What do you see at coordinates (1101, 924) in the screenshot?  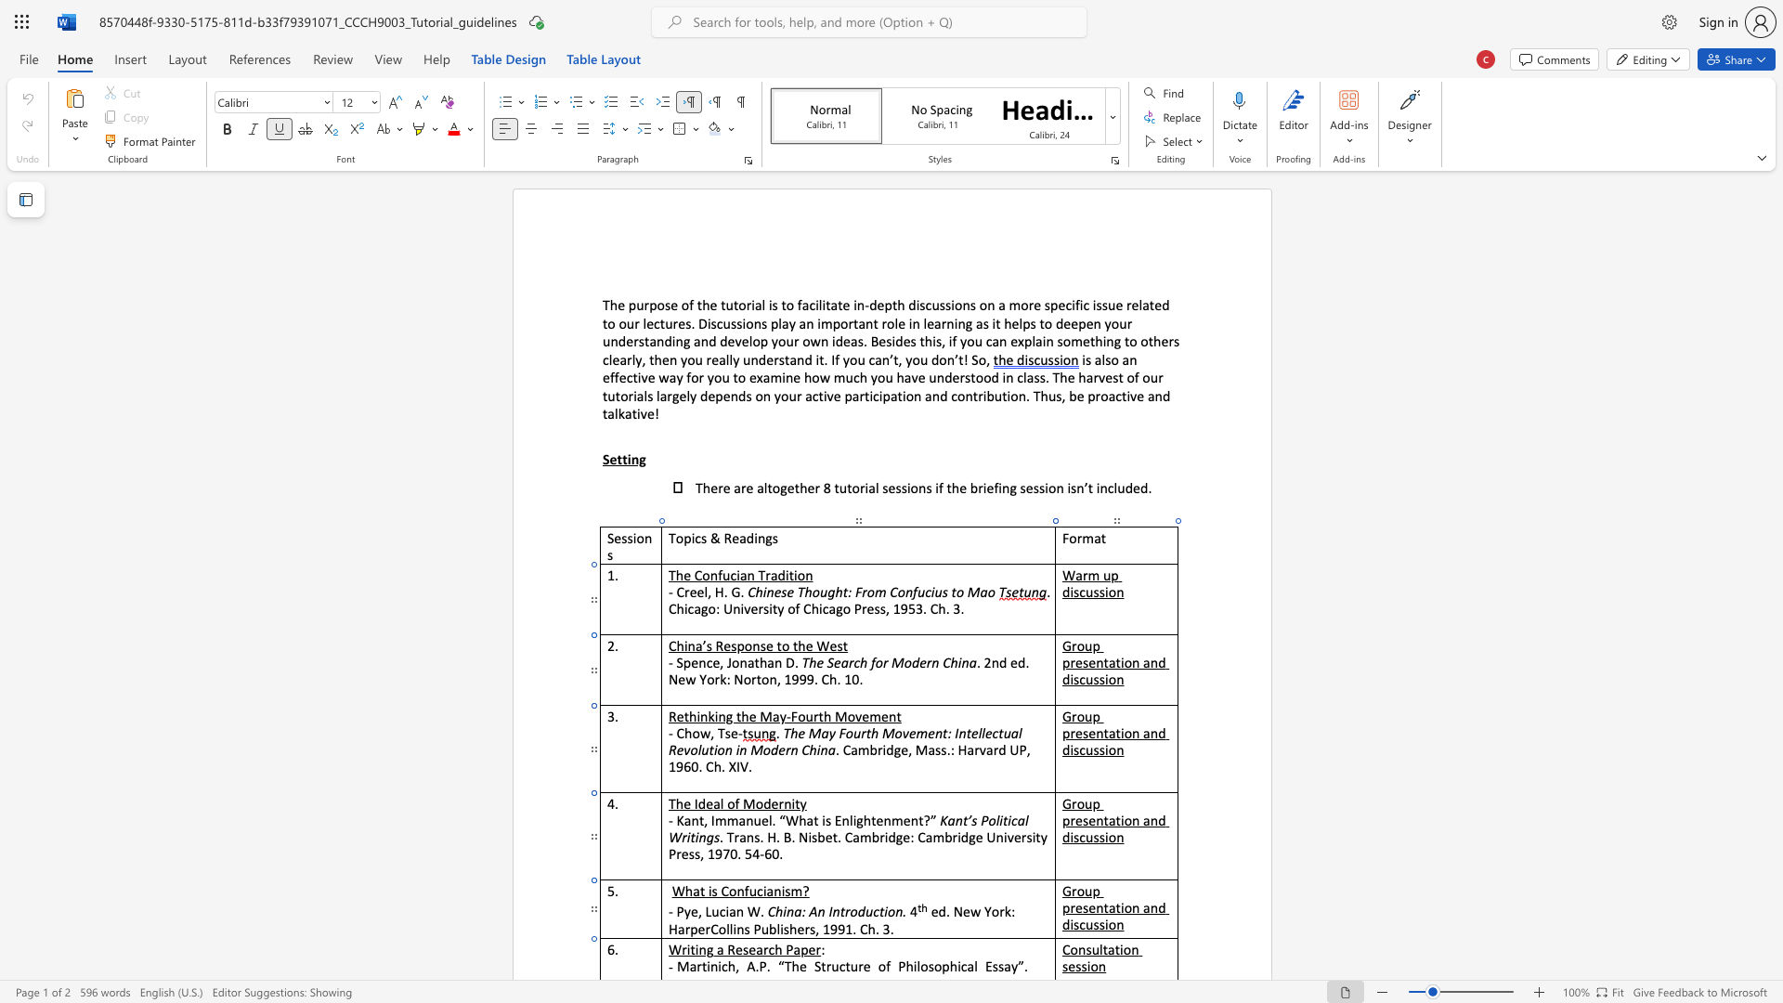 I see `the 4th character "s" in the text` at bounding box center [1101, 924].